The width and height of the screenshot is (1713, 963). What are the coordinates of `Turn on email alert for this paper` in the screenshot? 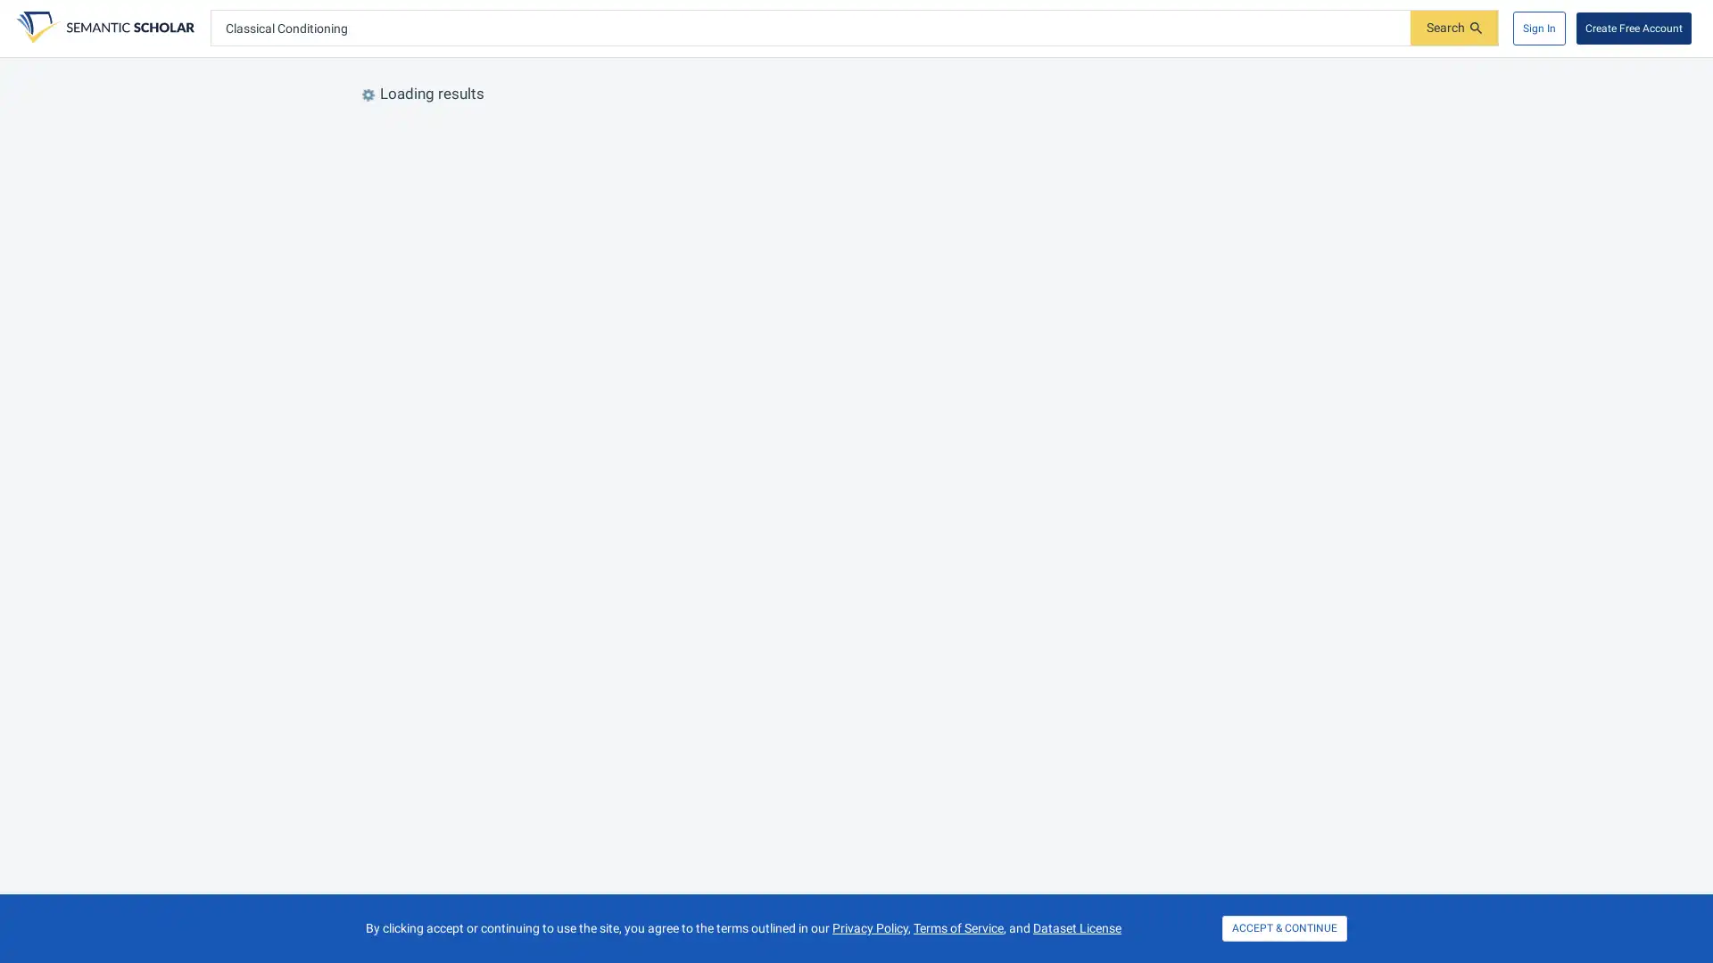 It's located at (538, 241).